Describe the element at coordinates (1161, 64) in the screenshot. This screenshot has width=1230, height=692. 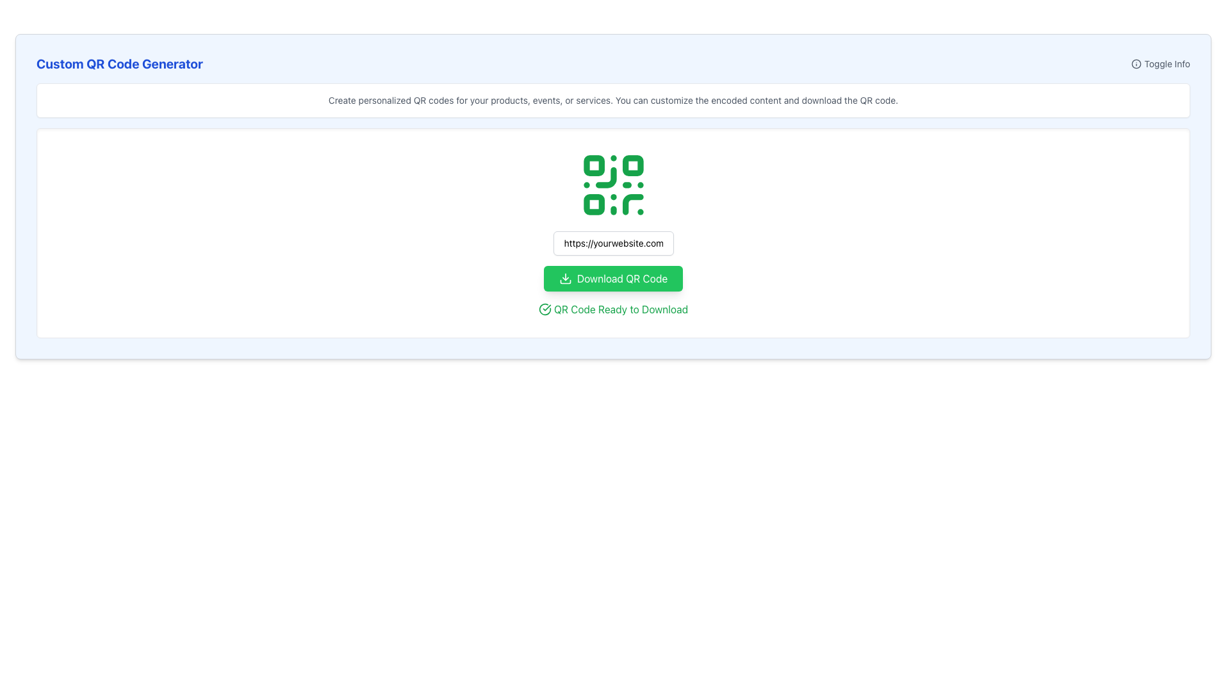
I see `the toggle button with text and icon located at the top-right corner of the 'Custom QR Code Generator' section to change its text color` at that location.